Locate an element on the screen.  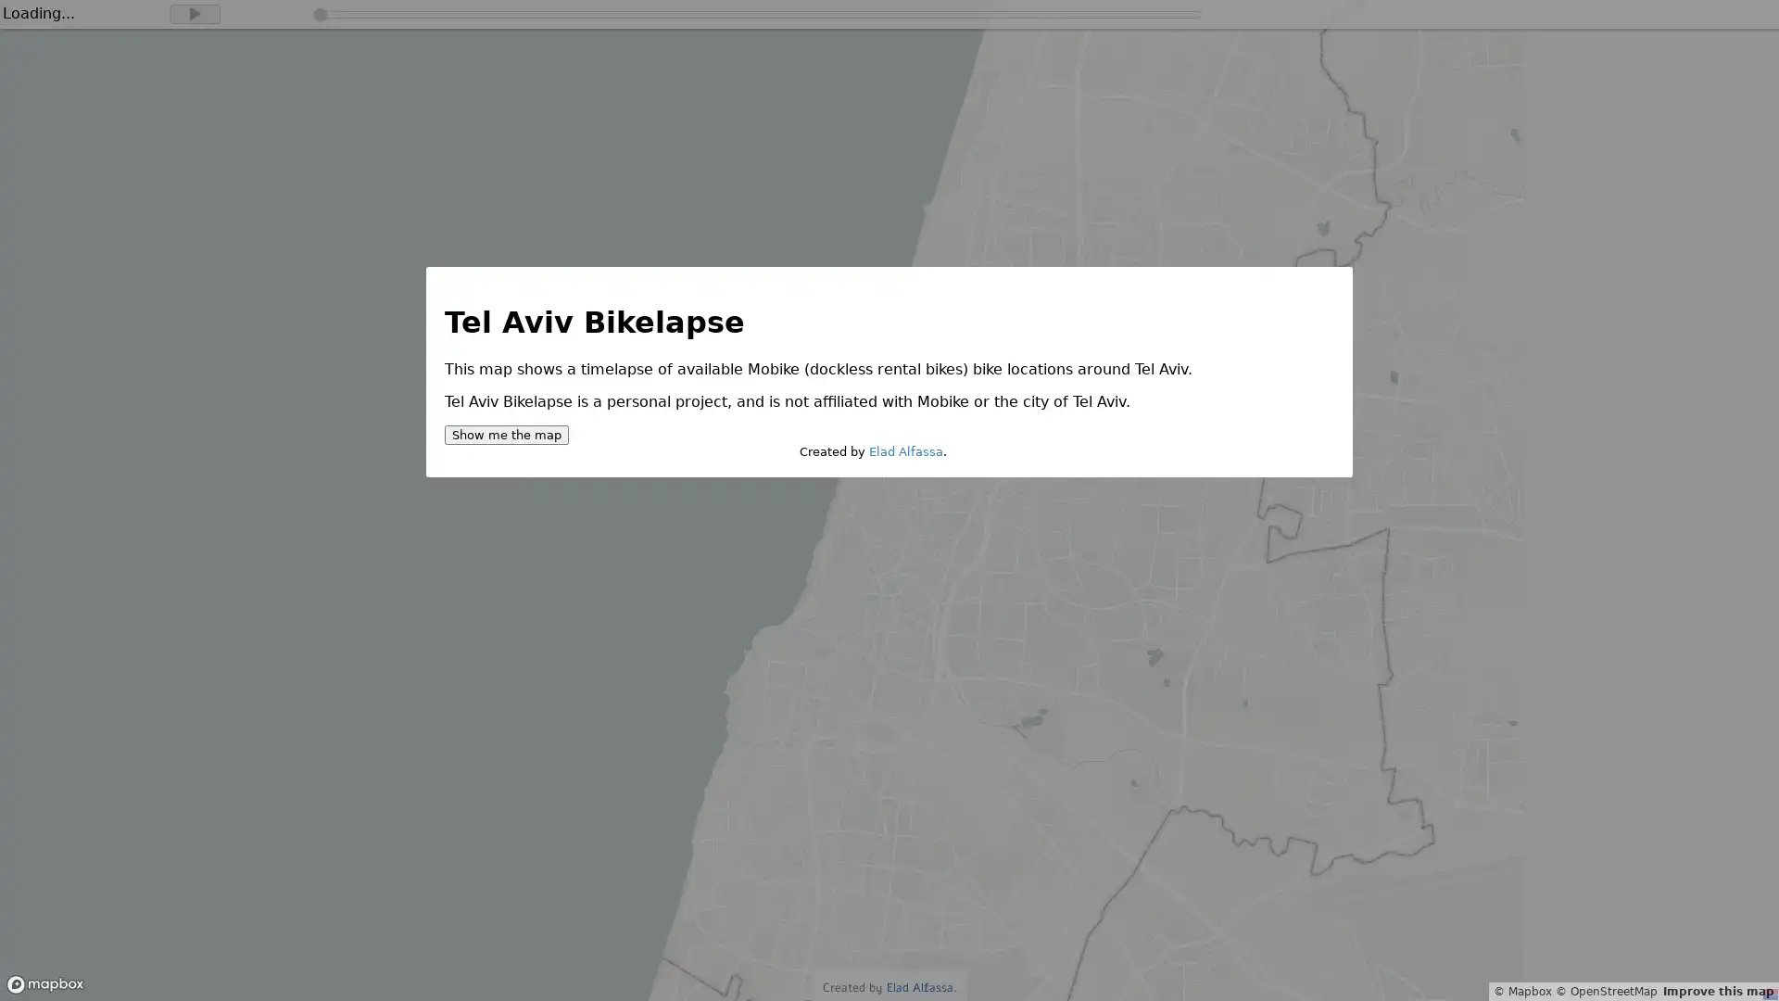
Play timelapse is located at coordinates (195, 14).